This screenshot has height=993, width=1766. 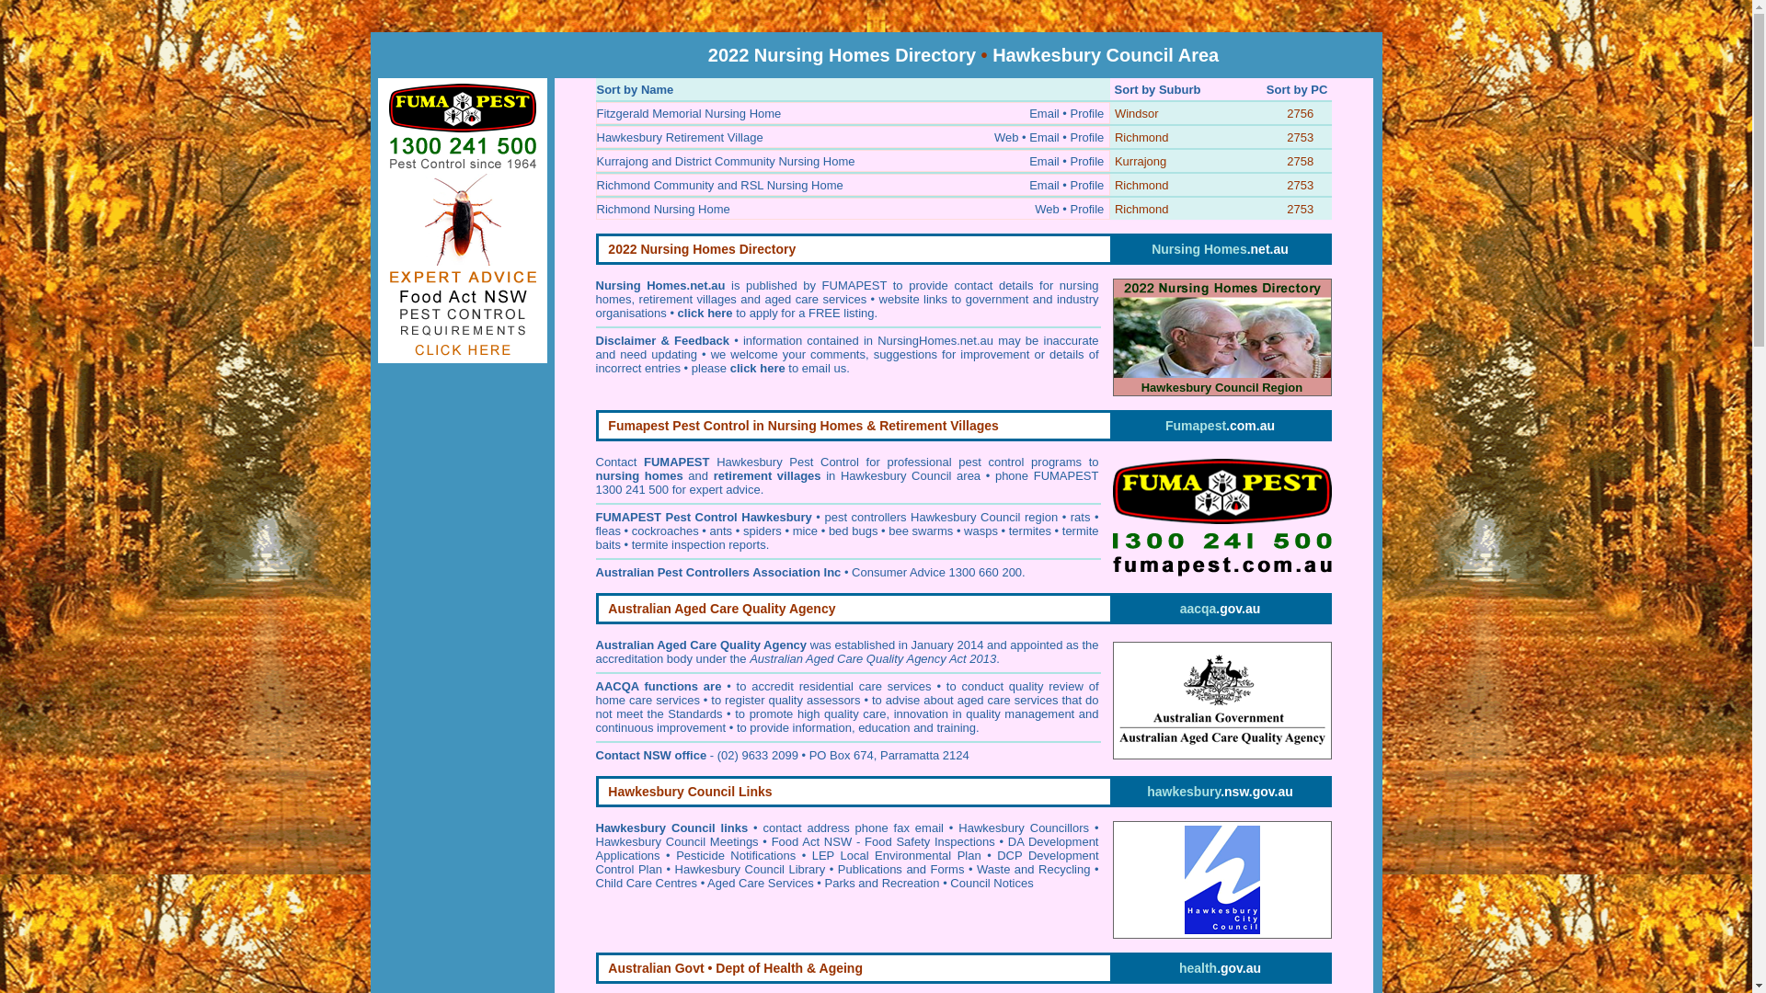 What do you see at coordinates (1156, 89) in the screenshot?
I see `'Sort by Suburb'` at bounding box center [1156, 89].